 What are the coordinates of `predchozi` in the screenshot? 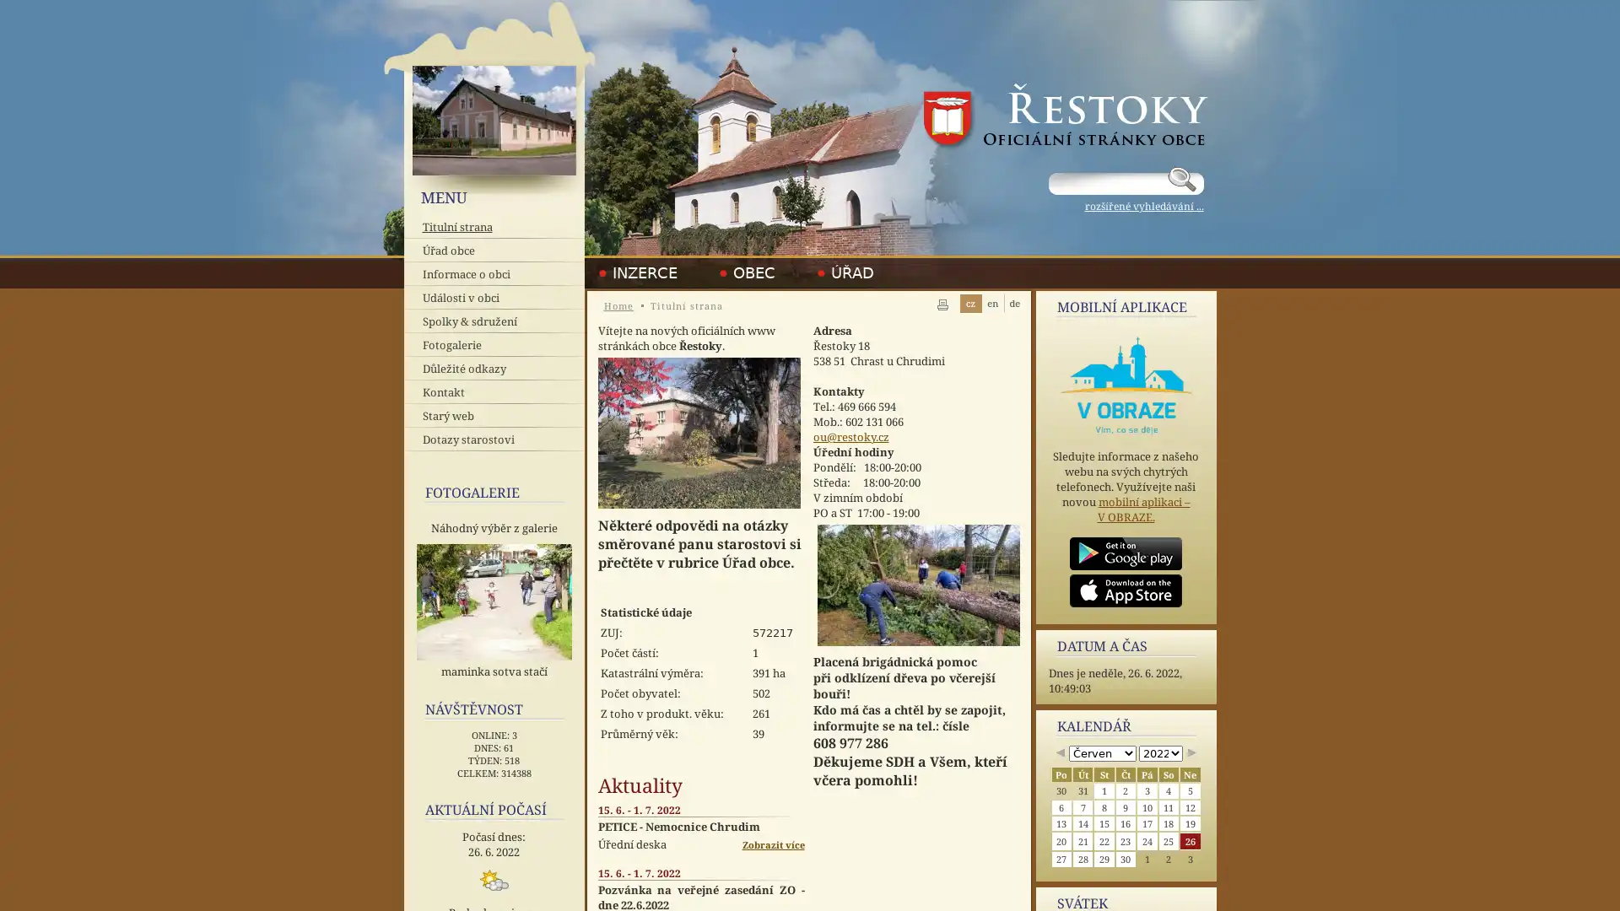 It's located at (1059, 752).